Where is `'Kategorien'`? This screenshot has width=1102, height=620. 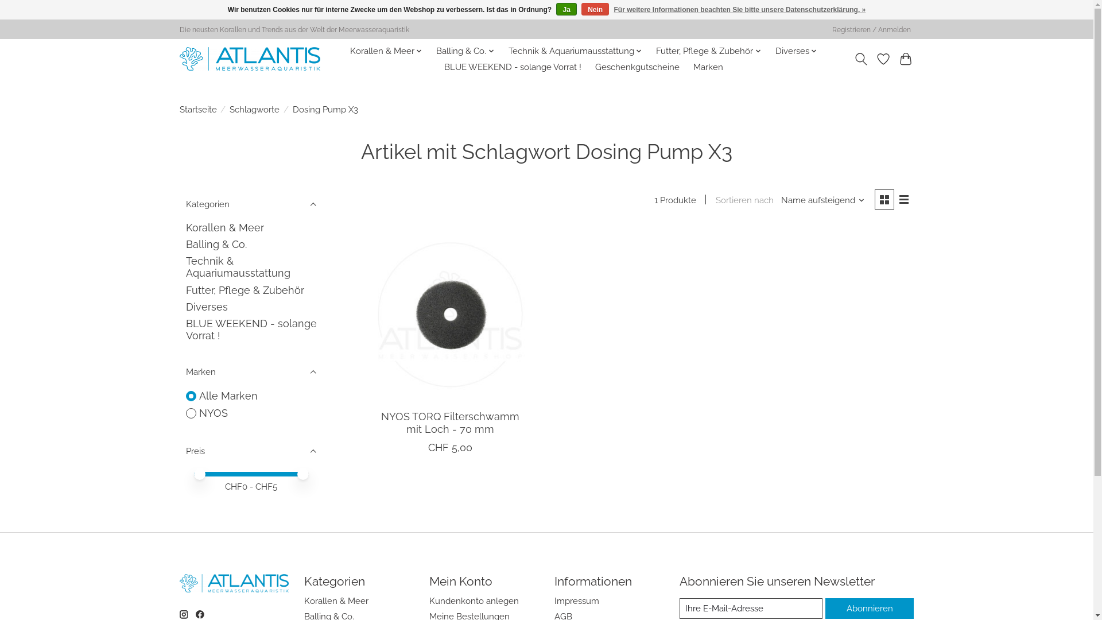 'Kategorien' is located at coordinates (250, 203).